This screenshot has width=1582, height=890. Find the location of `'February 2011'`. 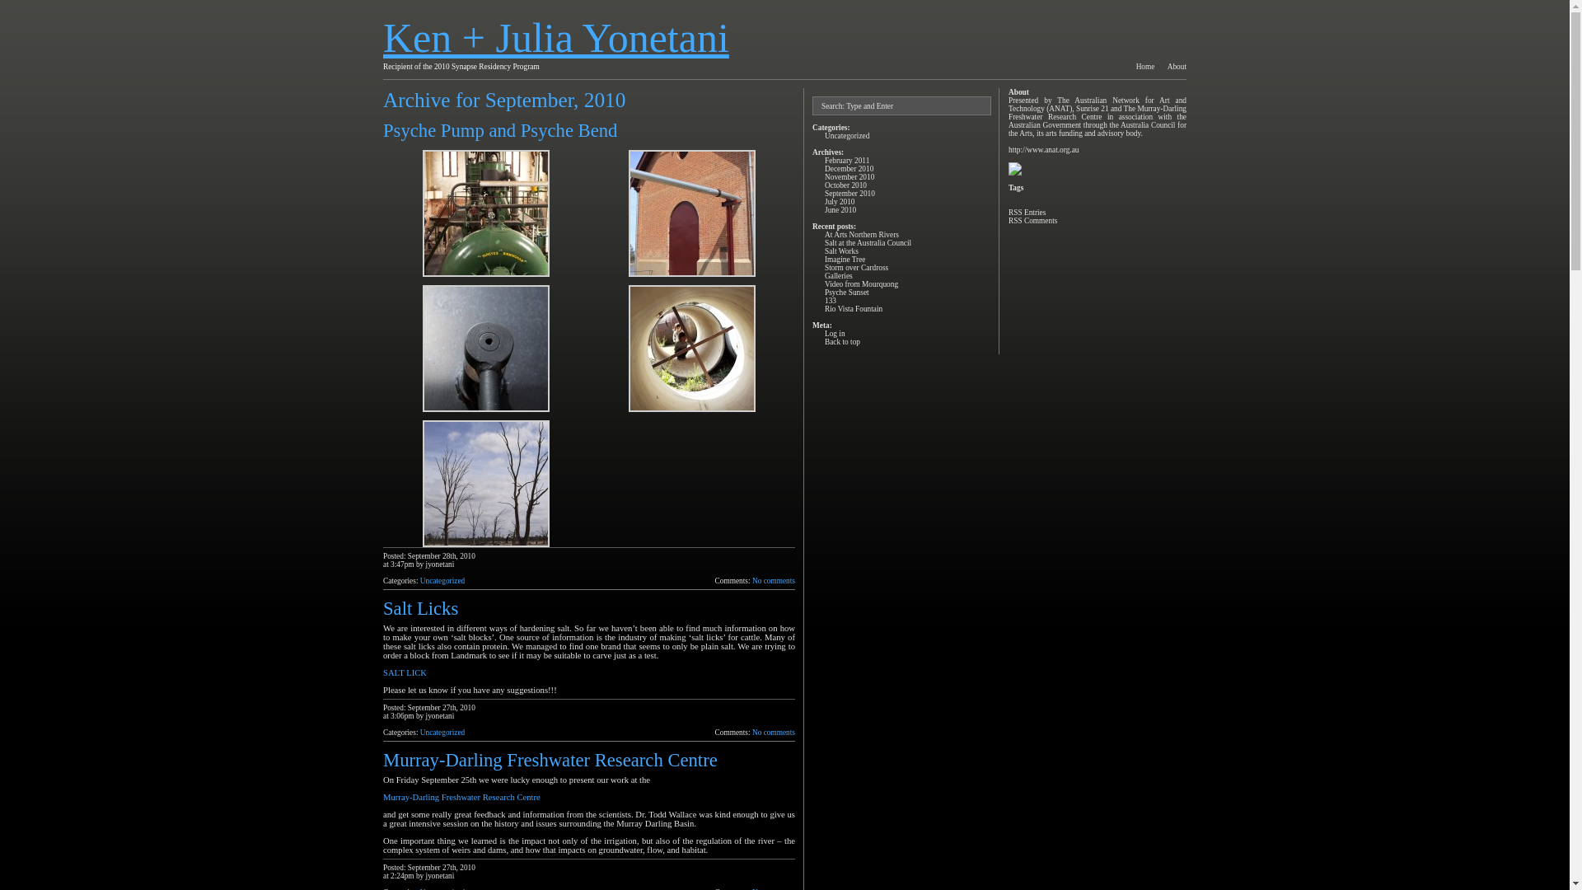

'February 2011' is located at coordinates (846, 161).